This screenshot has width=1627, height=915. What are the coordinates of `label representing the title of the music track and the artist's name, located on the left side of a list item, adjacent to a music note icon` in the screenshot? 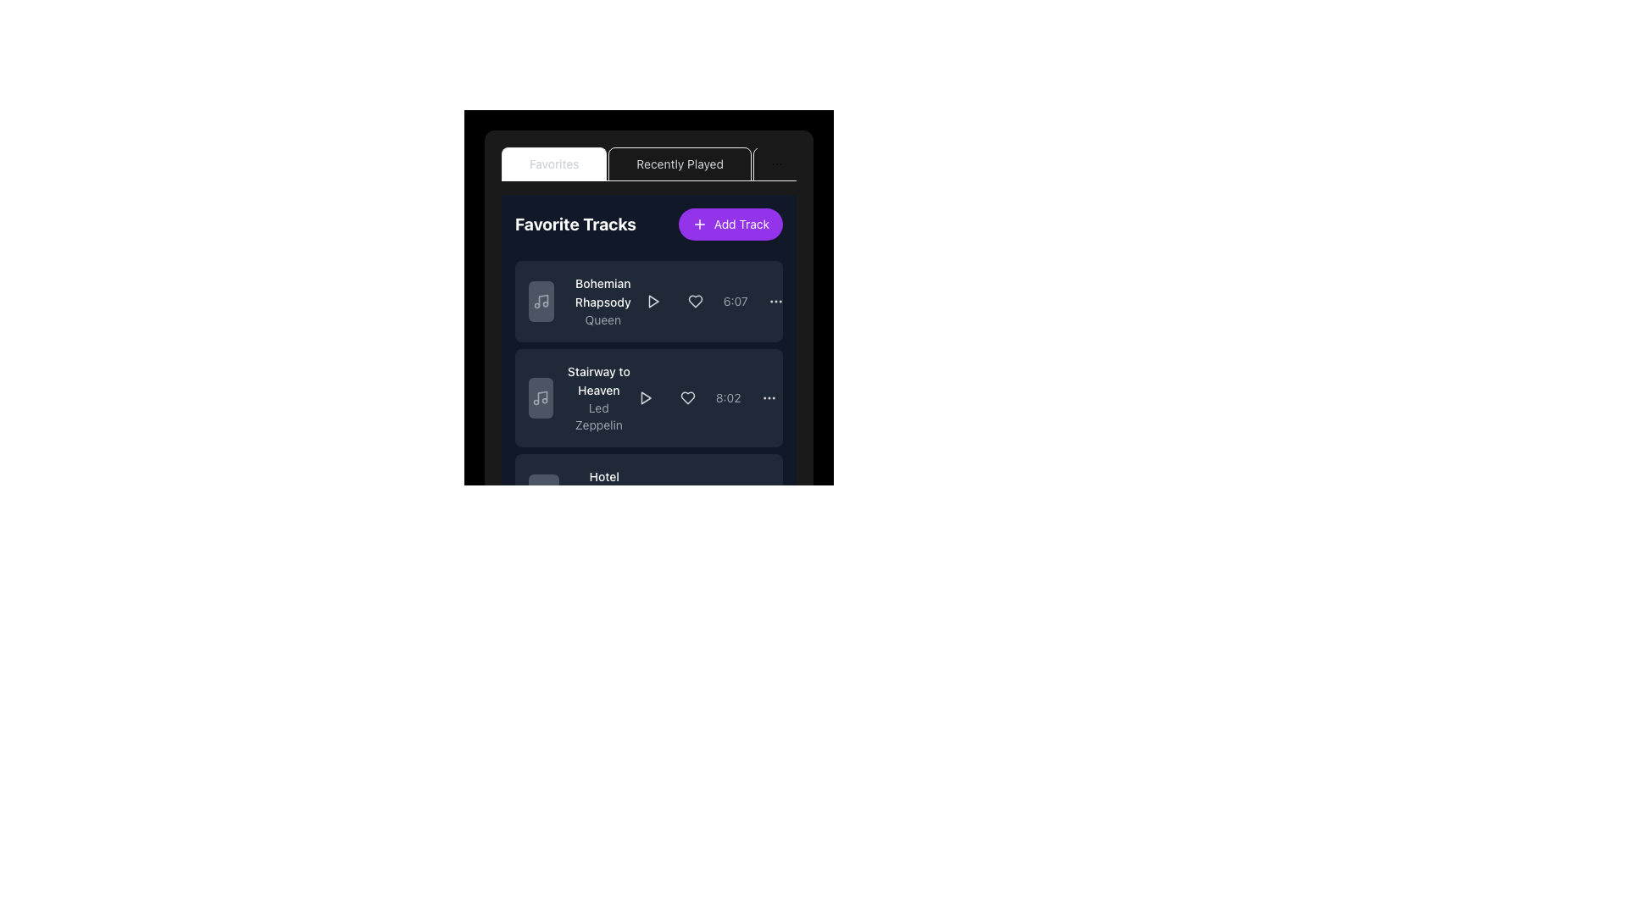 It's located at (602, 300).